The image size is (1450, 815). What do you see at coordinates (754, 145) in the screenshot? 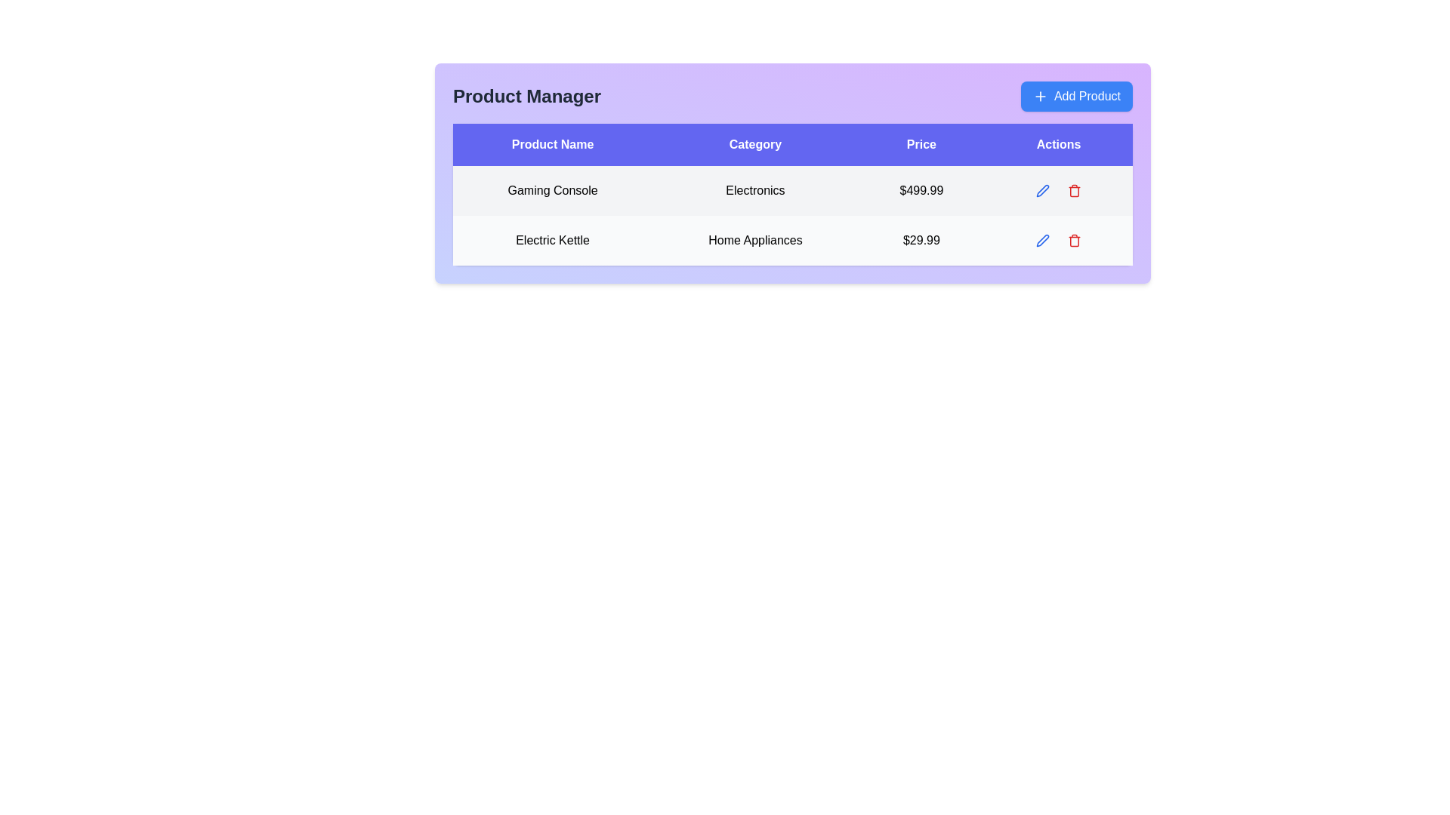
I see `the Header element that categorizes the data for the column, positioned between 'Product Name' and 'Price', to associate it with its column` at bounding box center [754, 145].